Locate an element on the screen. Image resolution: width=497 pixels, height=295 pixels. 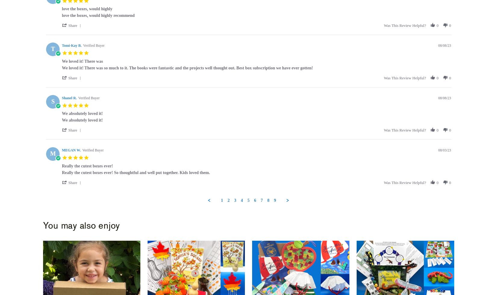
'love the boxes, would highly recommend' is located at coordinates (98, 15).